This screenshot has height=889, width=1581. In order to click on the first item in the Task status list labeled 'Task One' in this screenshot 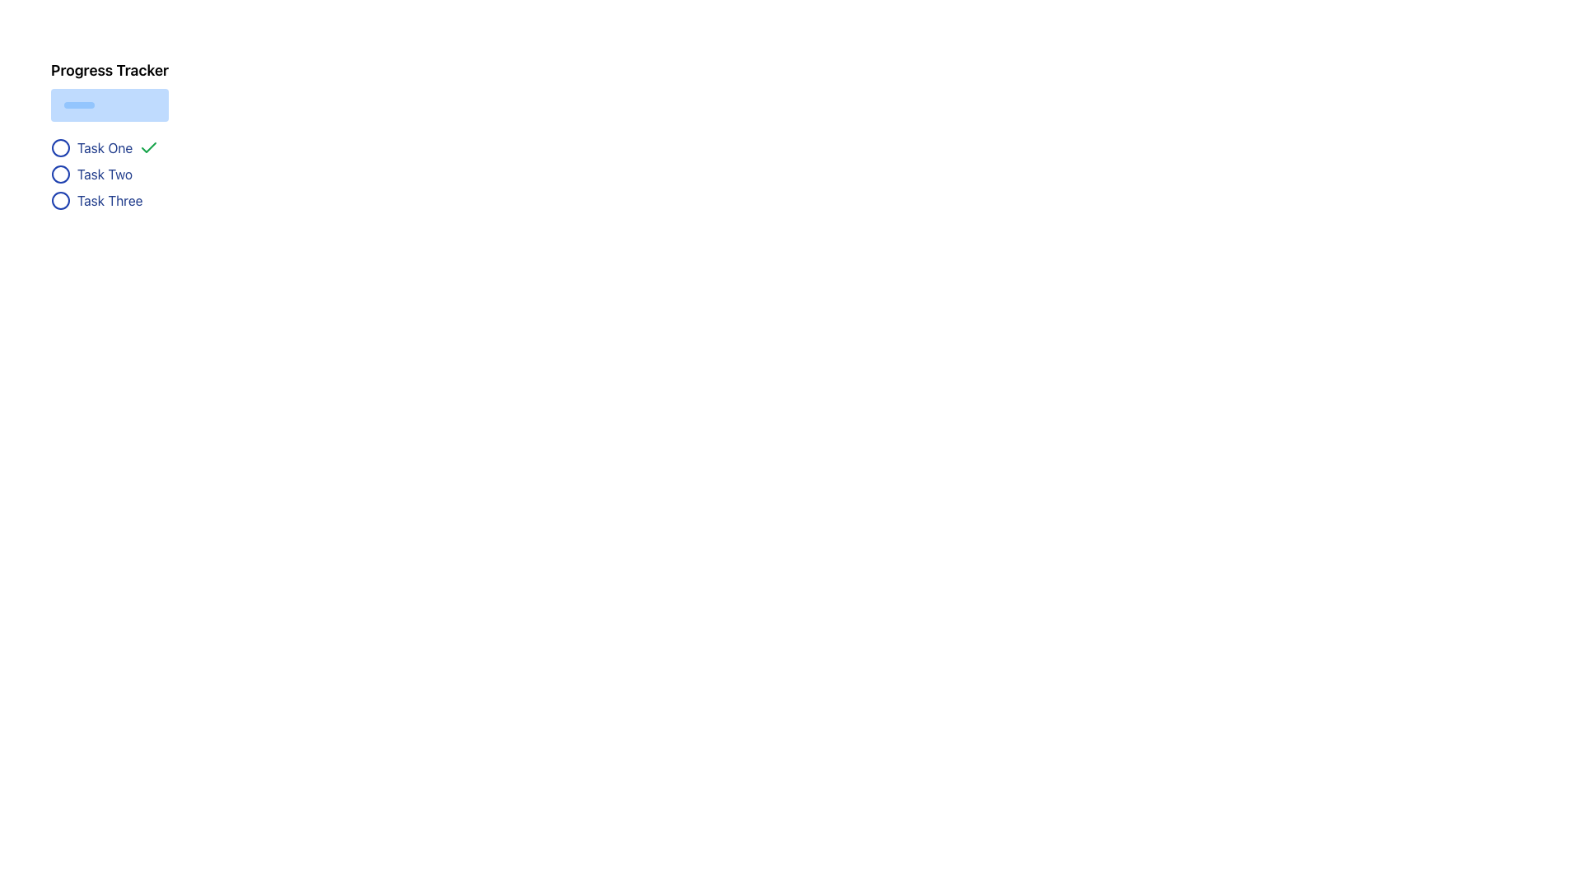, I will do `click(109, 148)`.